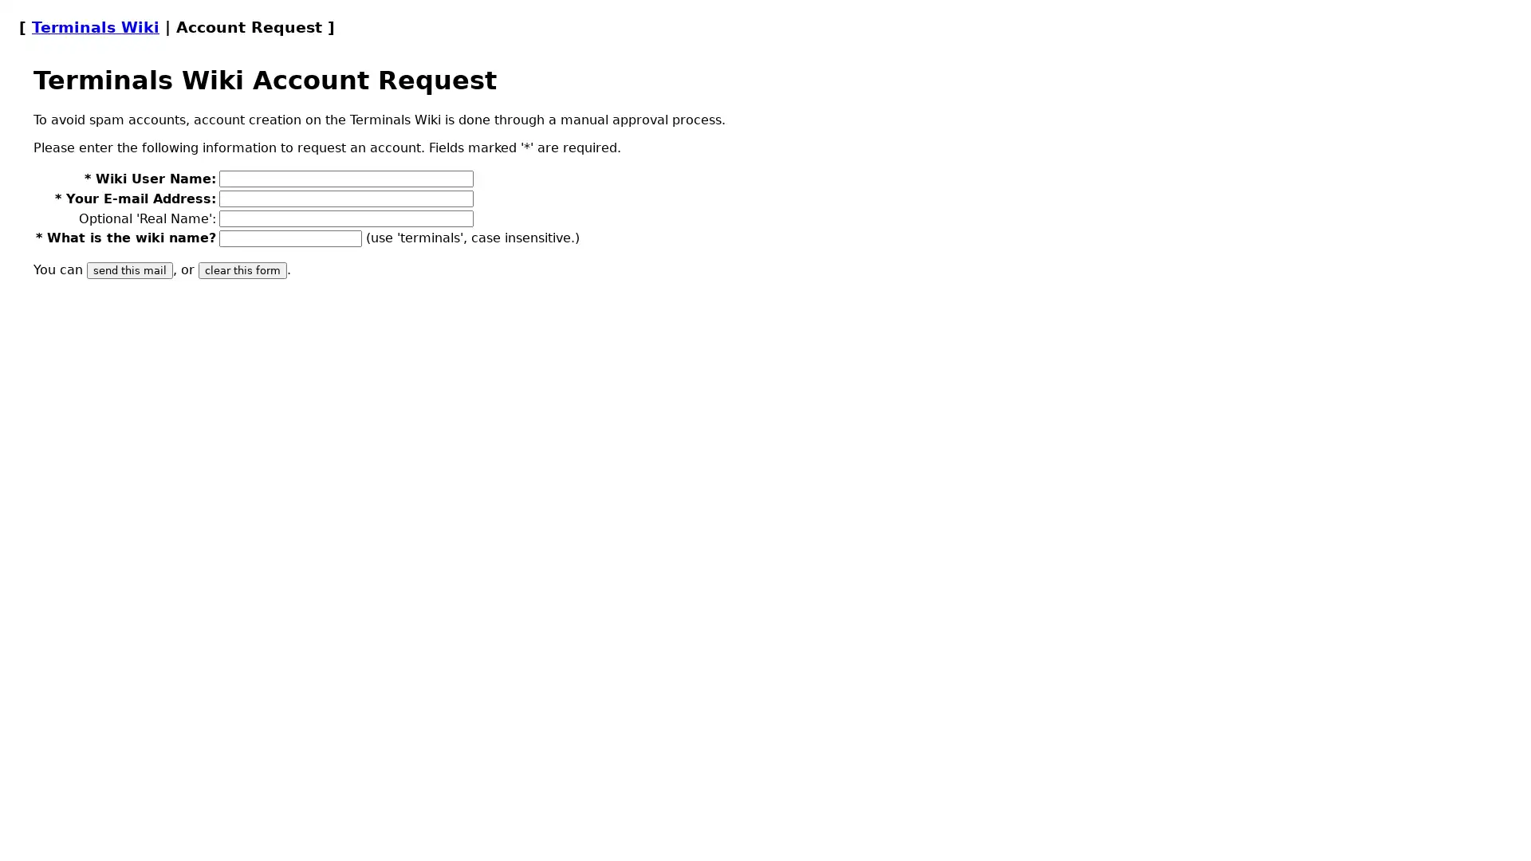 The height and width of the screenshot is (861, 1531). What do you see at coordinates (130, 269) in the screenshot?
I see `send this mail` at bounding box center [130, 269].